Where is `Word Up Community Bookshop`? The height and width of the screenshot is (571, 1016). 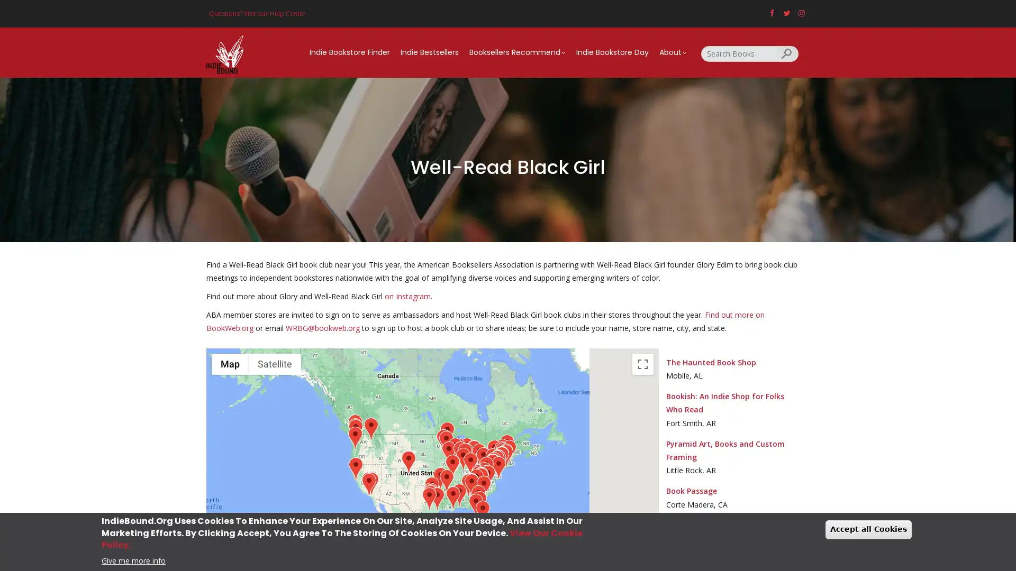 Word Up Community Bookshop is located at coordinates (501, 456).